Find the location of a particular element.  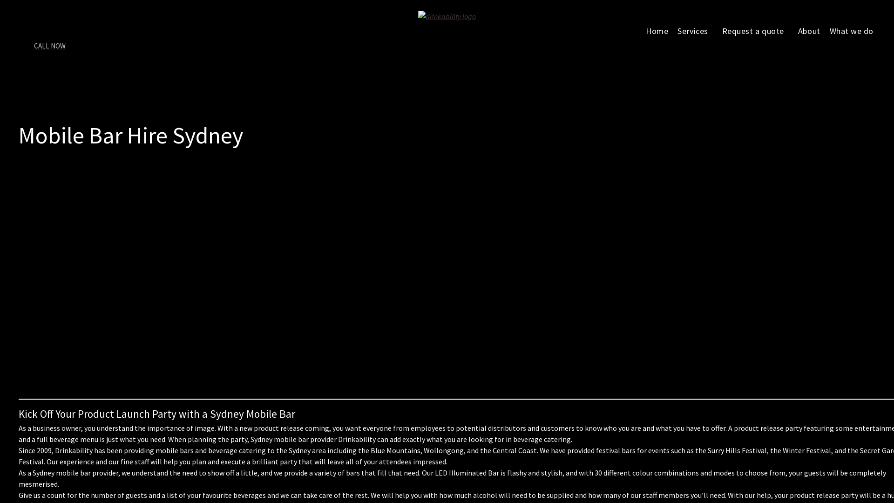

'Request a quote' is located at coordinates (755, 30).